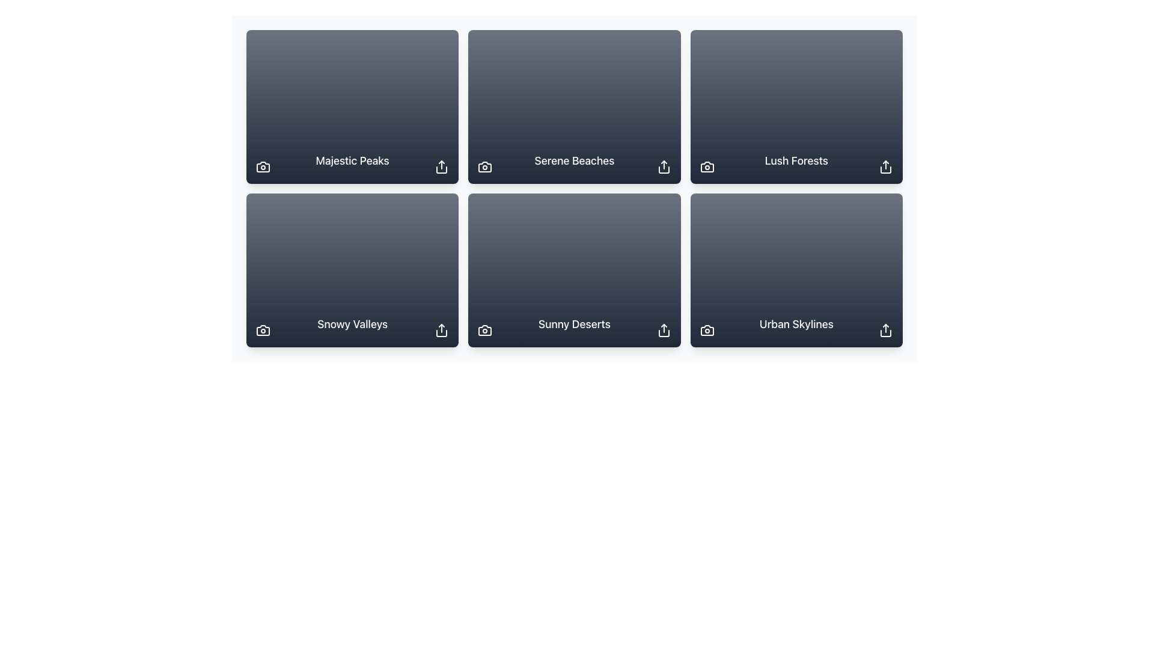 This screenshot has width=1154, height=649. I want to click on the camera icon located, so click(707, 166).